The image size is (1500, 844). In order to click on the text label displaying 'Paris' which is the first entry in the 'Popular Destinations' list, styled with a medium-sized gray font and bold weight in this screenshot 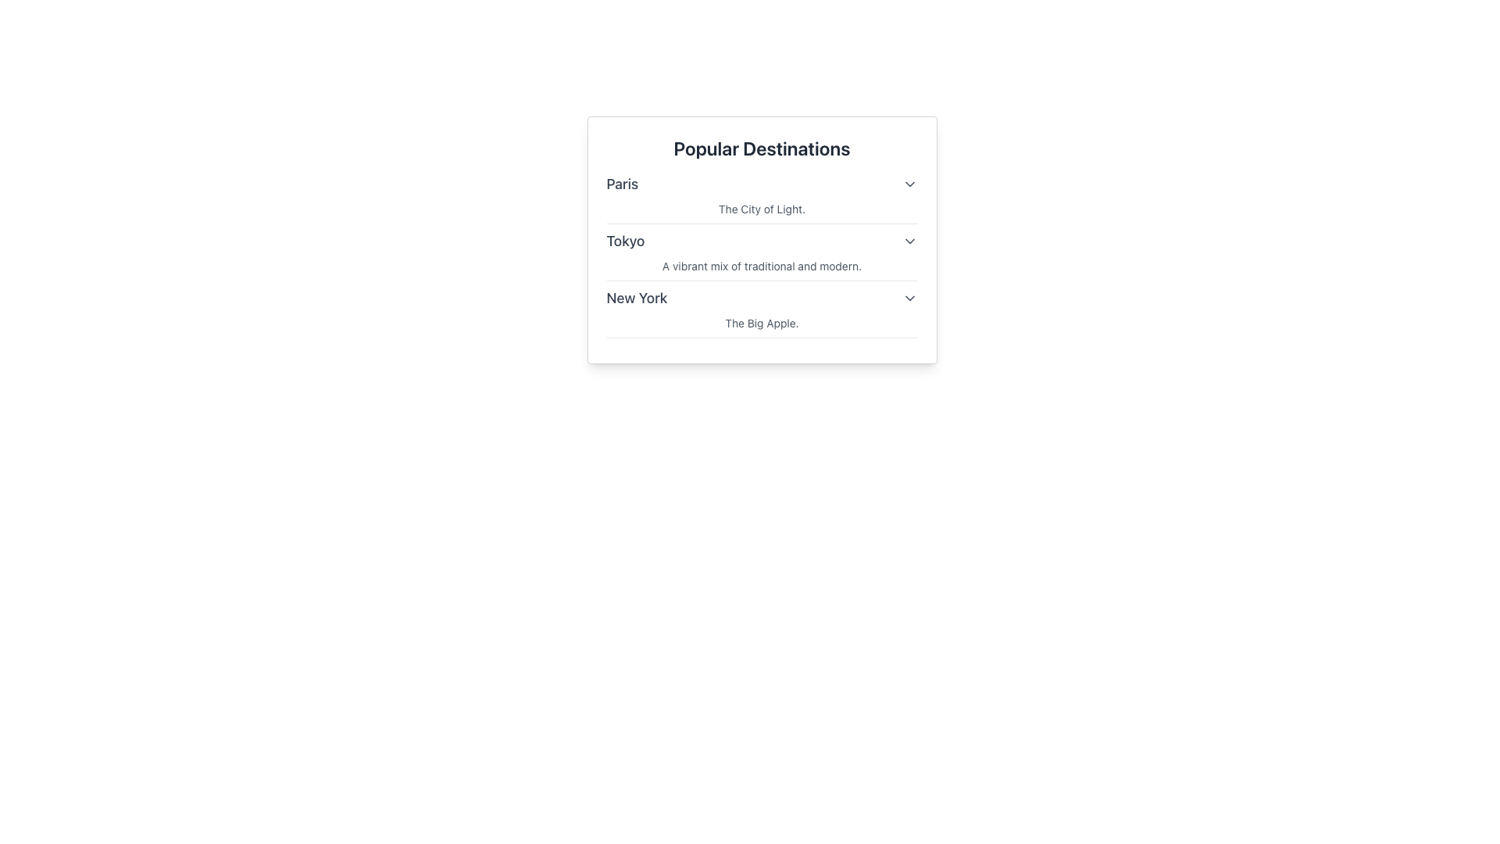, I will do `click(621, 183)`.